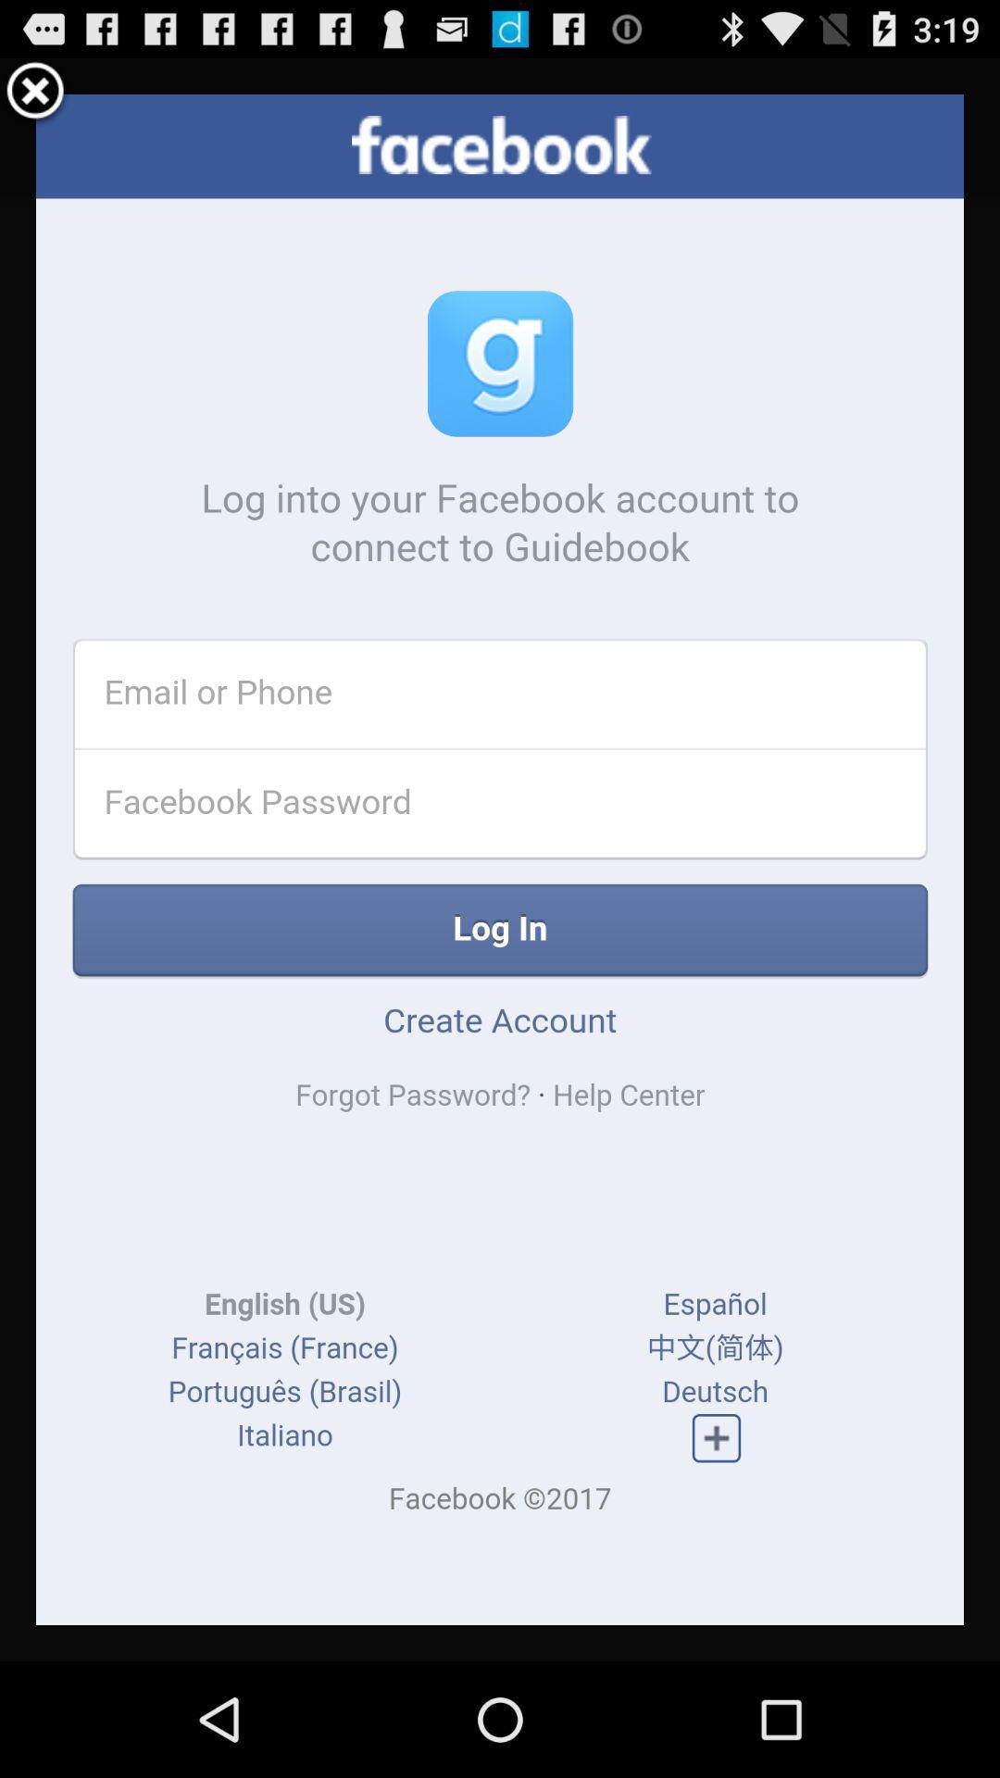 This screenshot has width=1000, height=1778. I want to click on exit screen, so click(35, 93).